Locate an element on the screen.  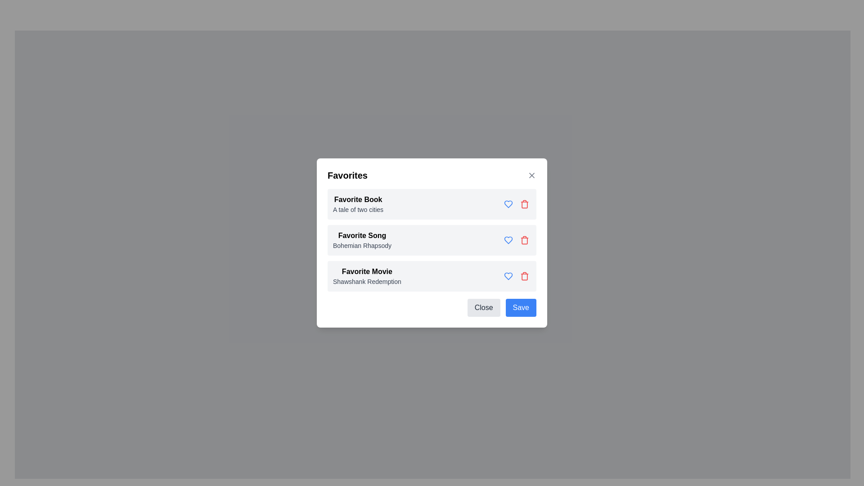
the trash can icon within the SVG graphic, which is part of the third favorite item row next to the text 'Favorite Movie: Shawshank Redemption' is located at coordinates (525, 276).